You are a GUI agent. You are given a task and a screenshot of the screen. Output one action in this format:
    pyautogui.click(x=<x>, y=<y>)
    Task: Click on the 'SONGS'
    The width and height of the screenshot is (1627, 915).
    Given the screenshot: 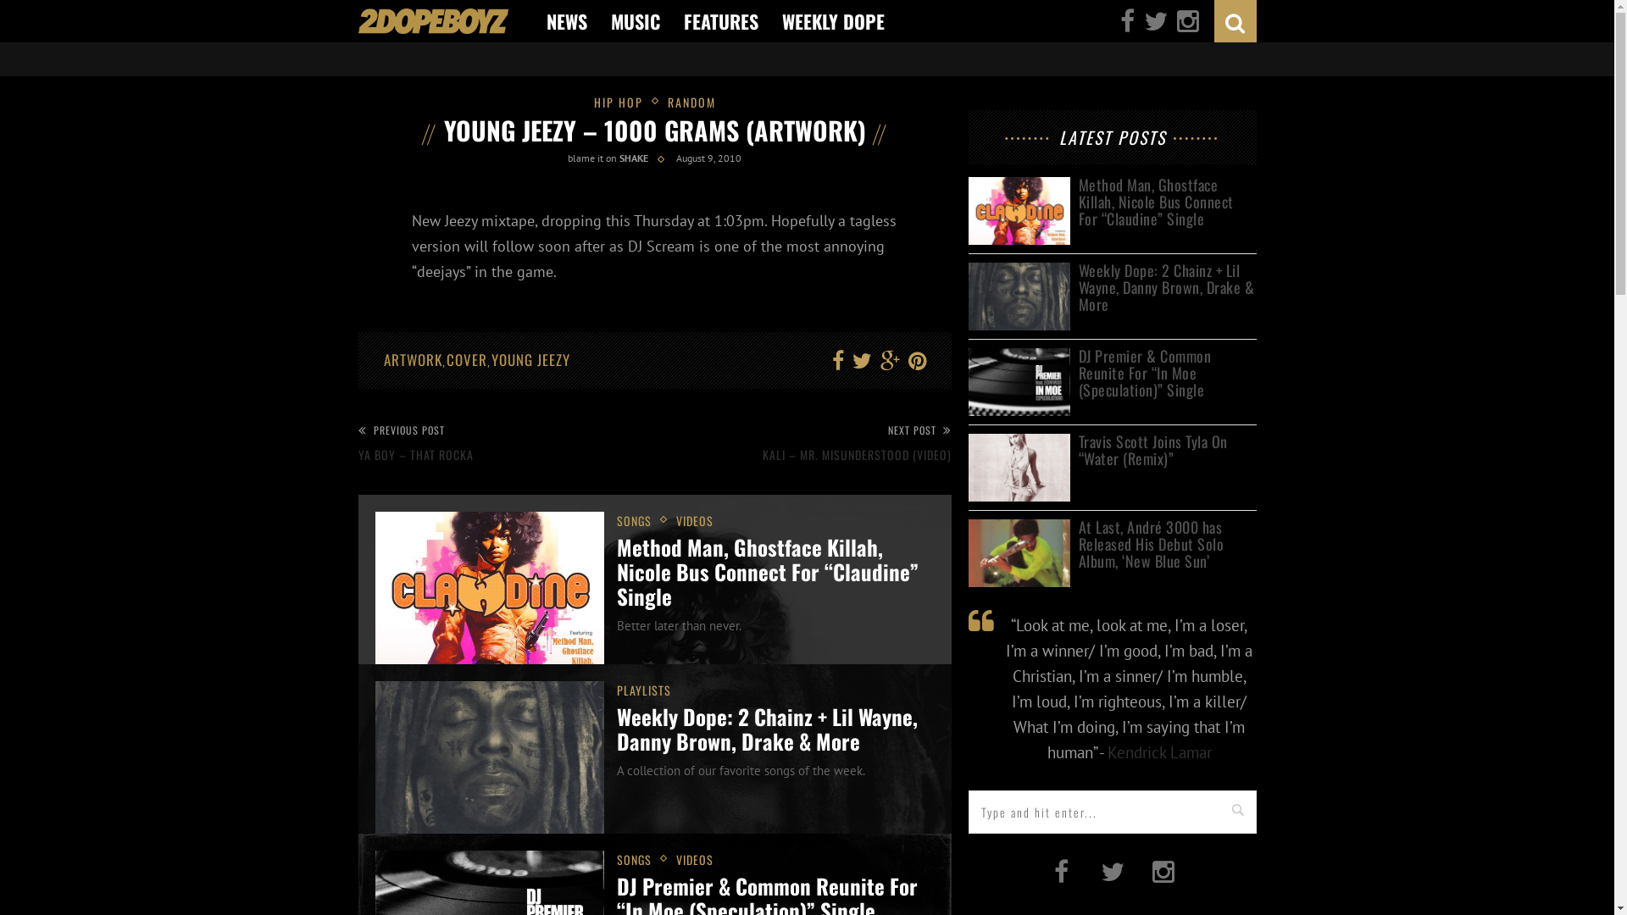 What is the action you would take?
    pyautogui.click(x=641, y=519)
    